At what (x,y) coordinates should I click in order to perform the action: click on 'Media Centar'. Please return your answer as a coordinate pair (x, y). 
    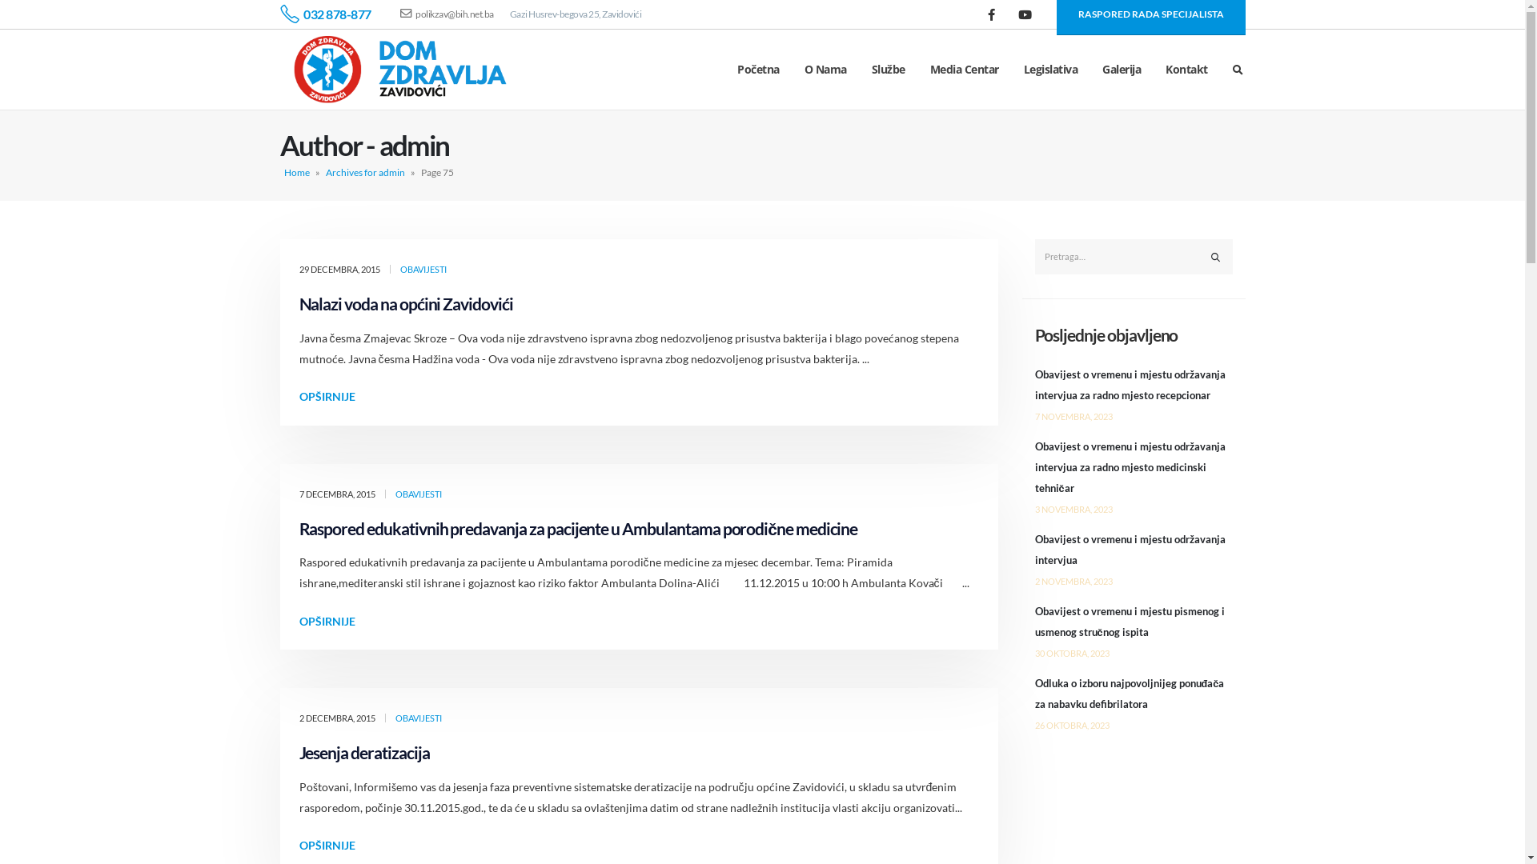
    Looking at the image, I should click on (918, 69).